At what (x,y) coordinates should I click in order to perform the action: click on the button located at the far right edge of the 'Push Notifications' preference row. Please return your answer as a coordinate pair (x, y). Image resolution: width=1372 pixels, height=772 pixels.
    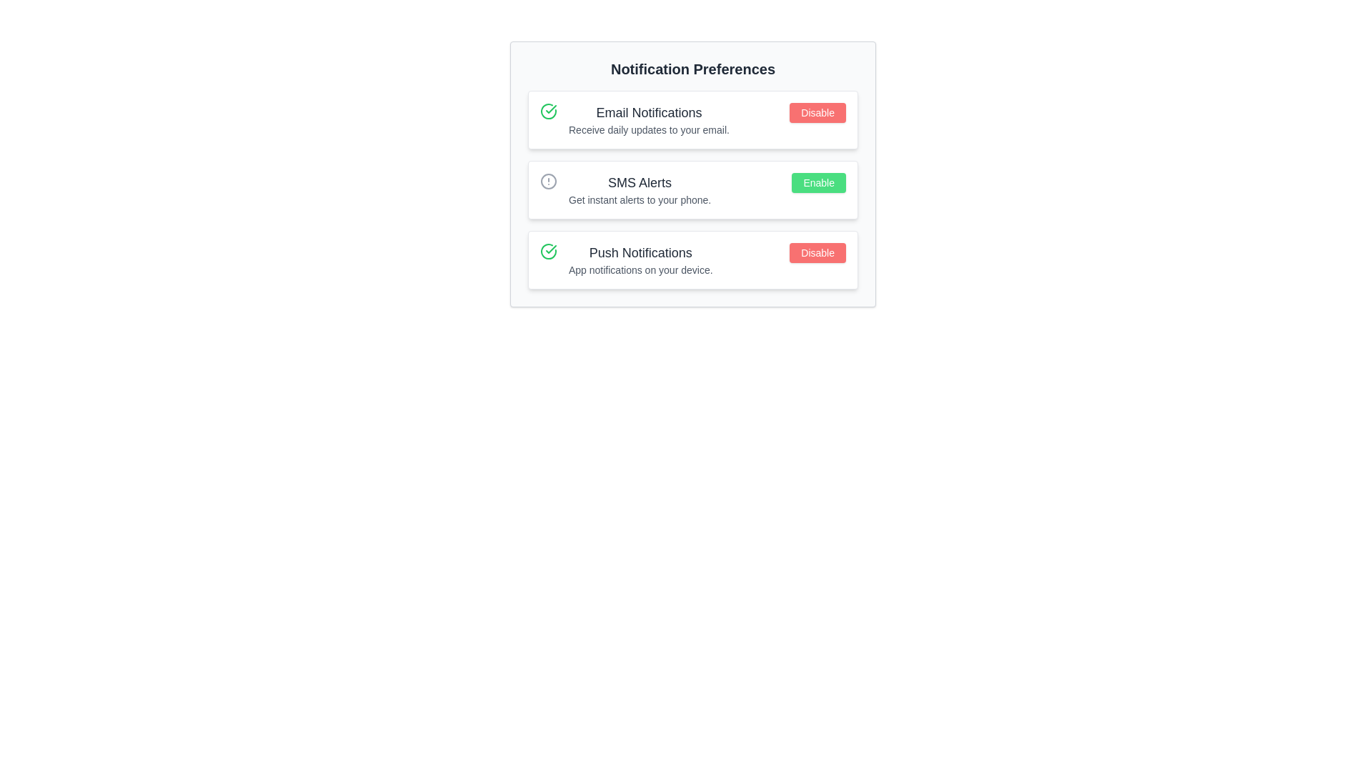
    Looking at the image, I should click on (817, 252).